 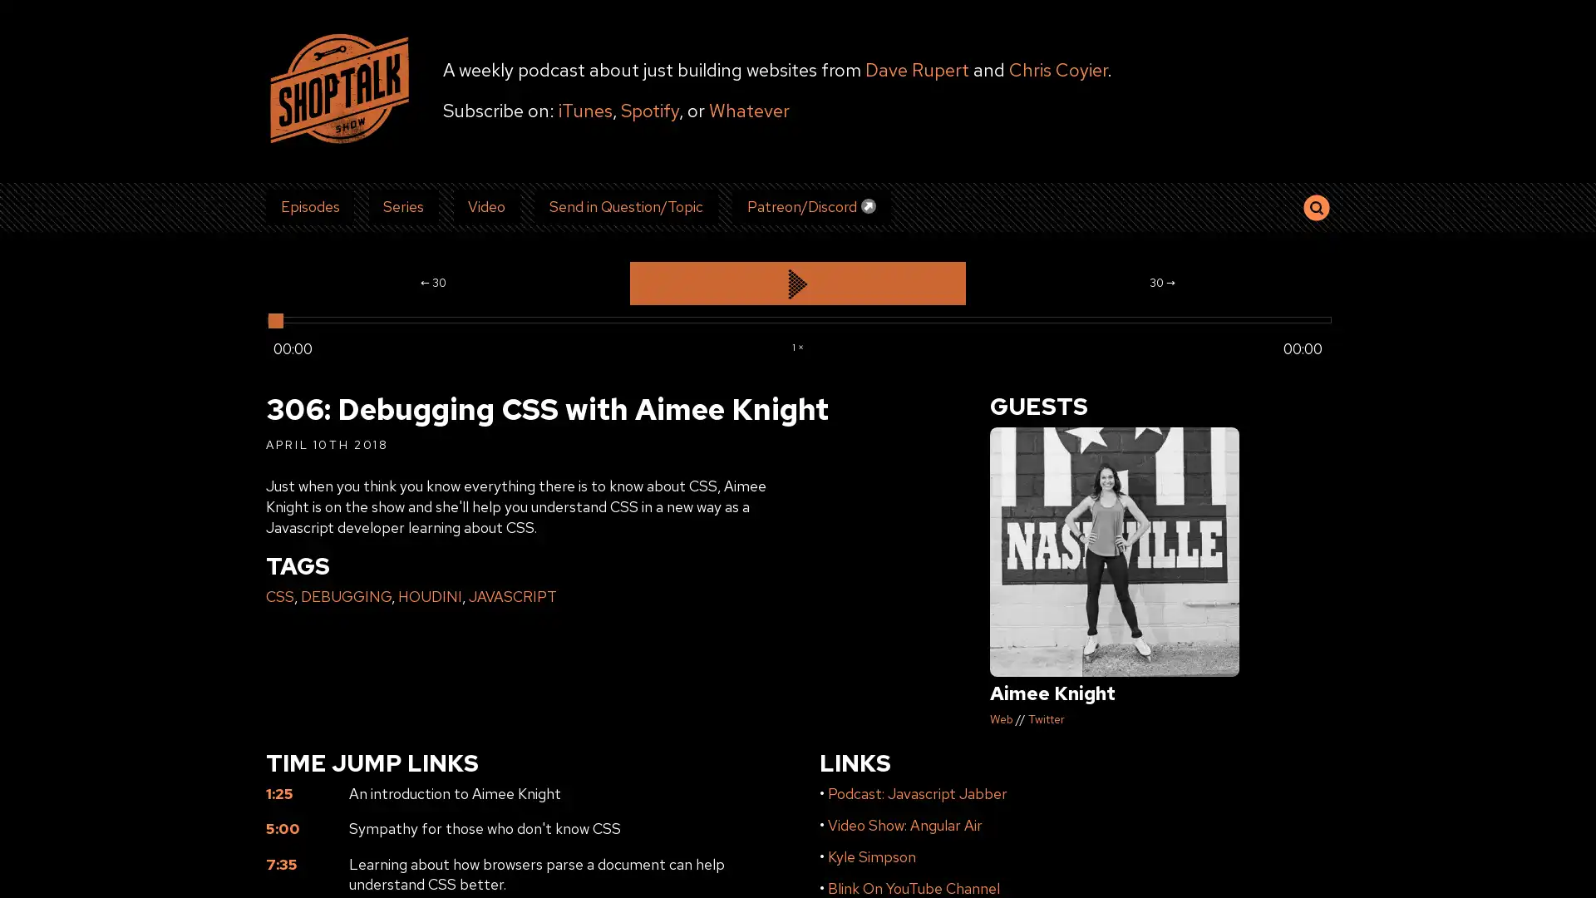 What do you see at coordinates (1160, 282) in the screenshot?
I see `Fast Forward 30 seconds` at bounding box center [1160, 282].